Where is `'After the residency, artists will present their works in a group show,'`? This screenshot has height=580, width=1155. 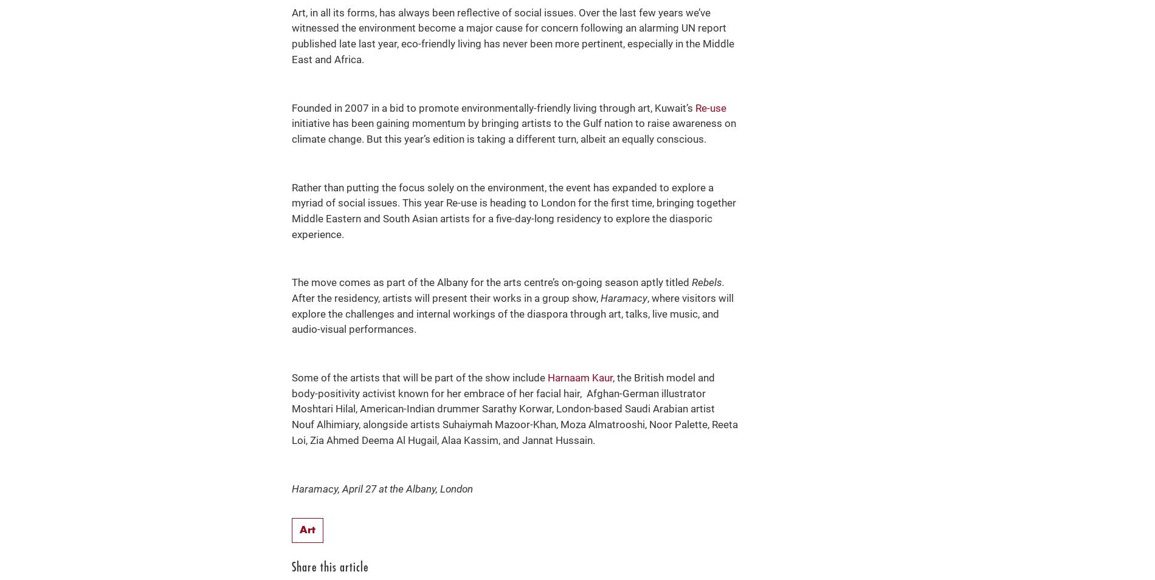 'After the residency, artists will present their works in a group show,' is located at coordinates (291, 298).